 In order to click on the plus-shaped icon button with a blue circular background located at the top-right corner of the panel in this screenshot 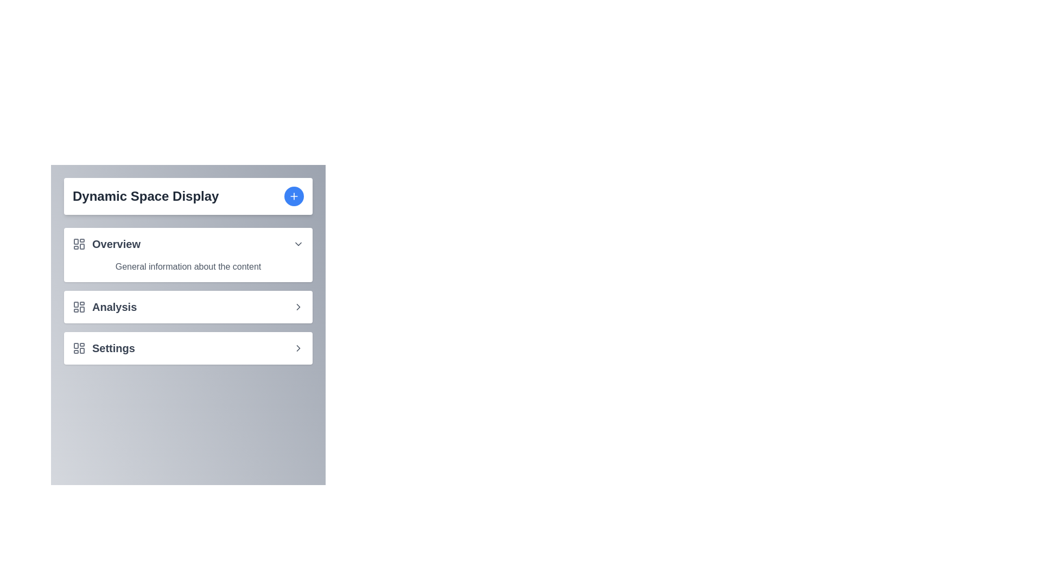, I will do `click(294, 196)`.